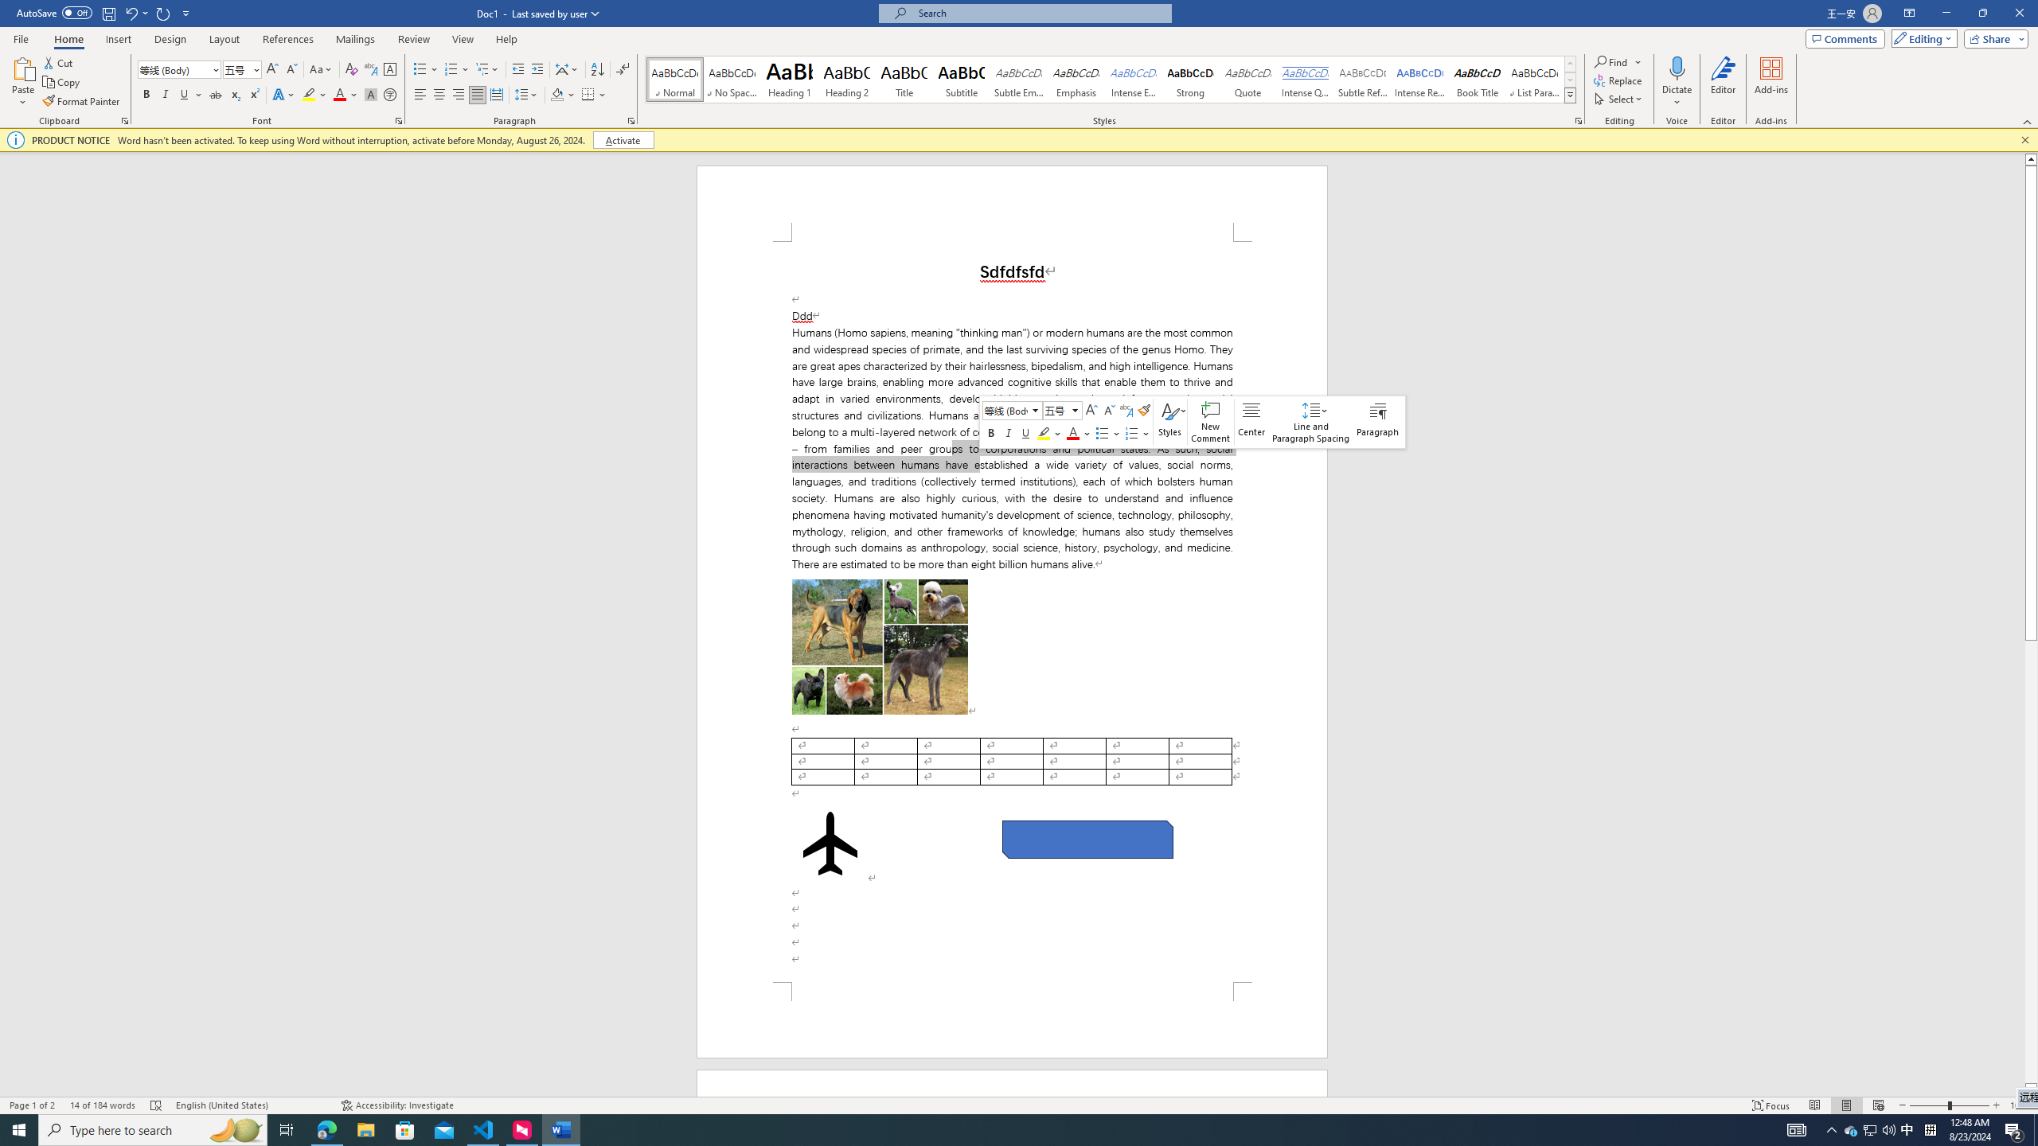 The image size is (2038, 1146). What do you see at coordinates (1019, 79) in the screenshot?
I see `'Subtle Emphasis'` at bounding box center [1019, 79].